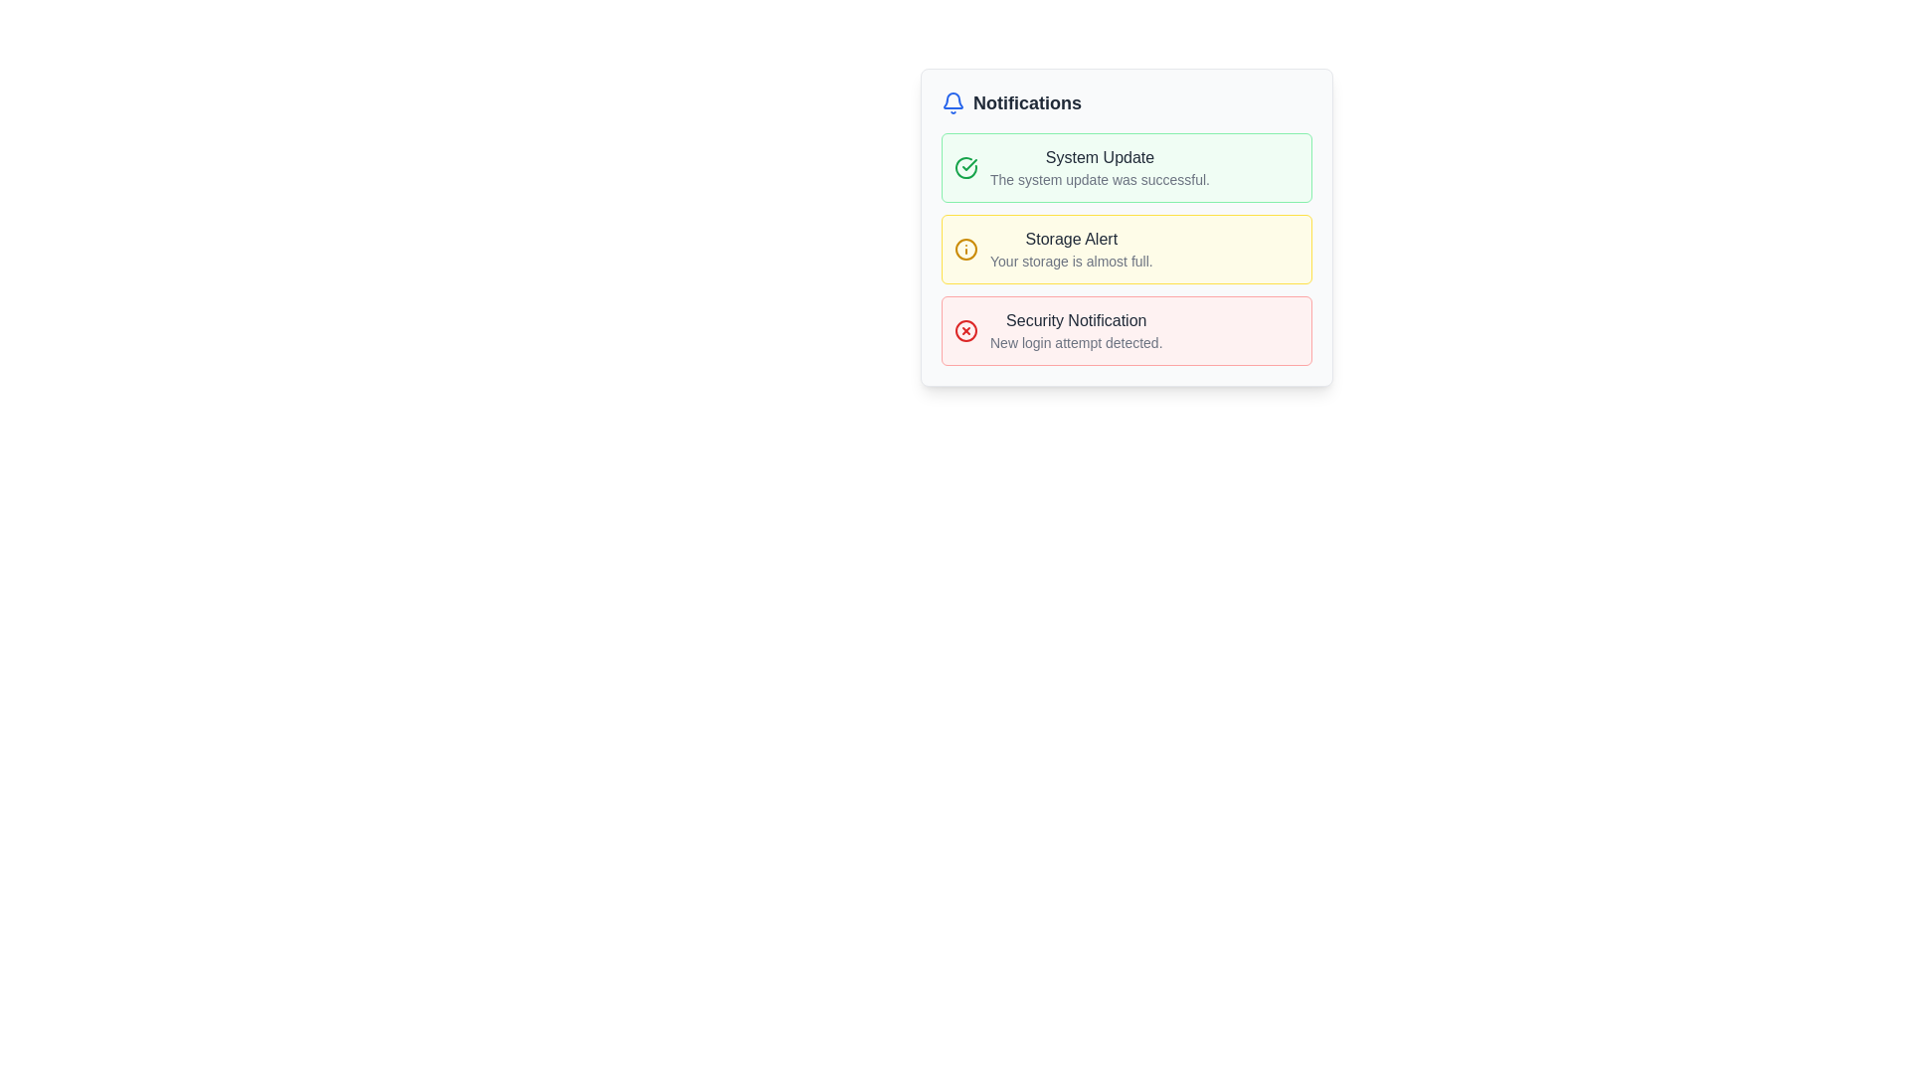 The width and height of the screenshot is (1909, 1074). I want to click on the storage alert by clicking on the notification card indicating that the storage is nearly full, located as the second card in a vertical stack of three notifications, so click(1127, 226).